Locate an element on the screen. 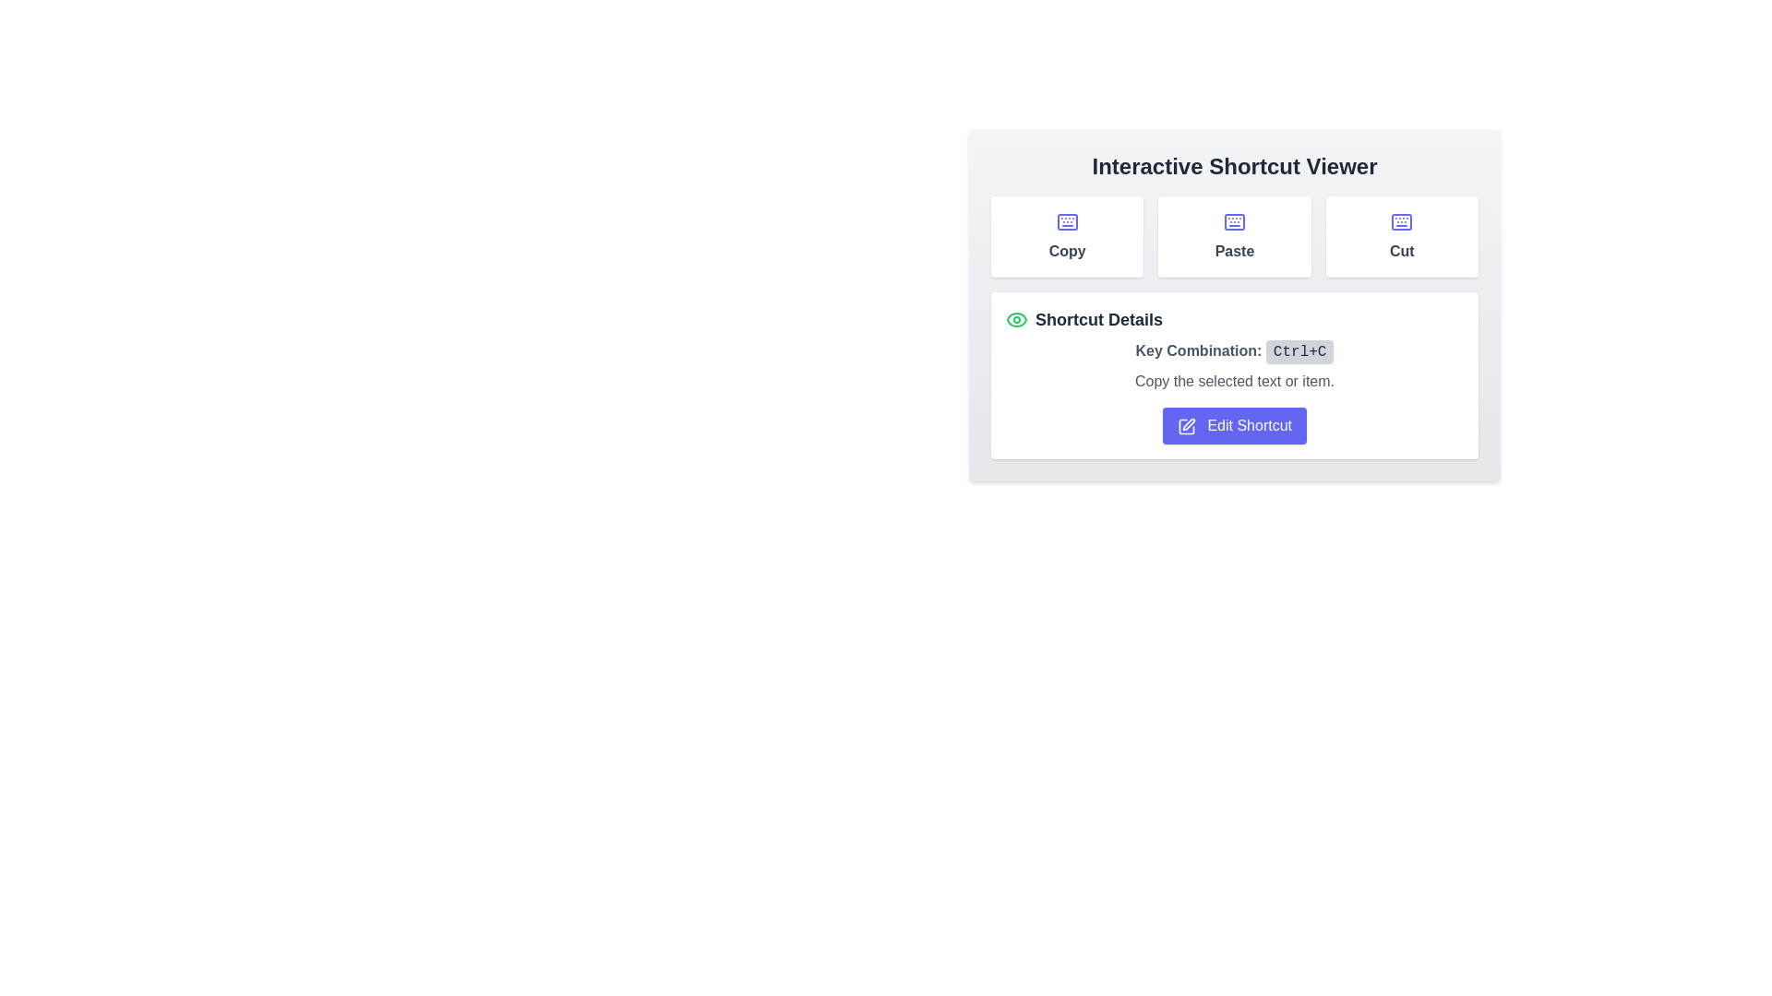 The image size is (1772, 996). the 'Edit Shortcut' button with an indigo background and white text located at the bottom of the 'Shortcut Details' section is located at coordinates (1235, 426).